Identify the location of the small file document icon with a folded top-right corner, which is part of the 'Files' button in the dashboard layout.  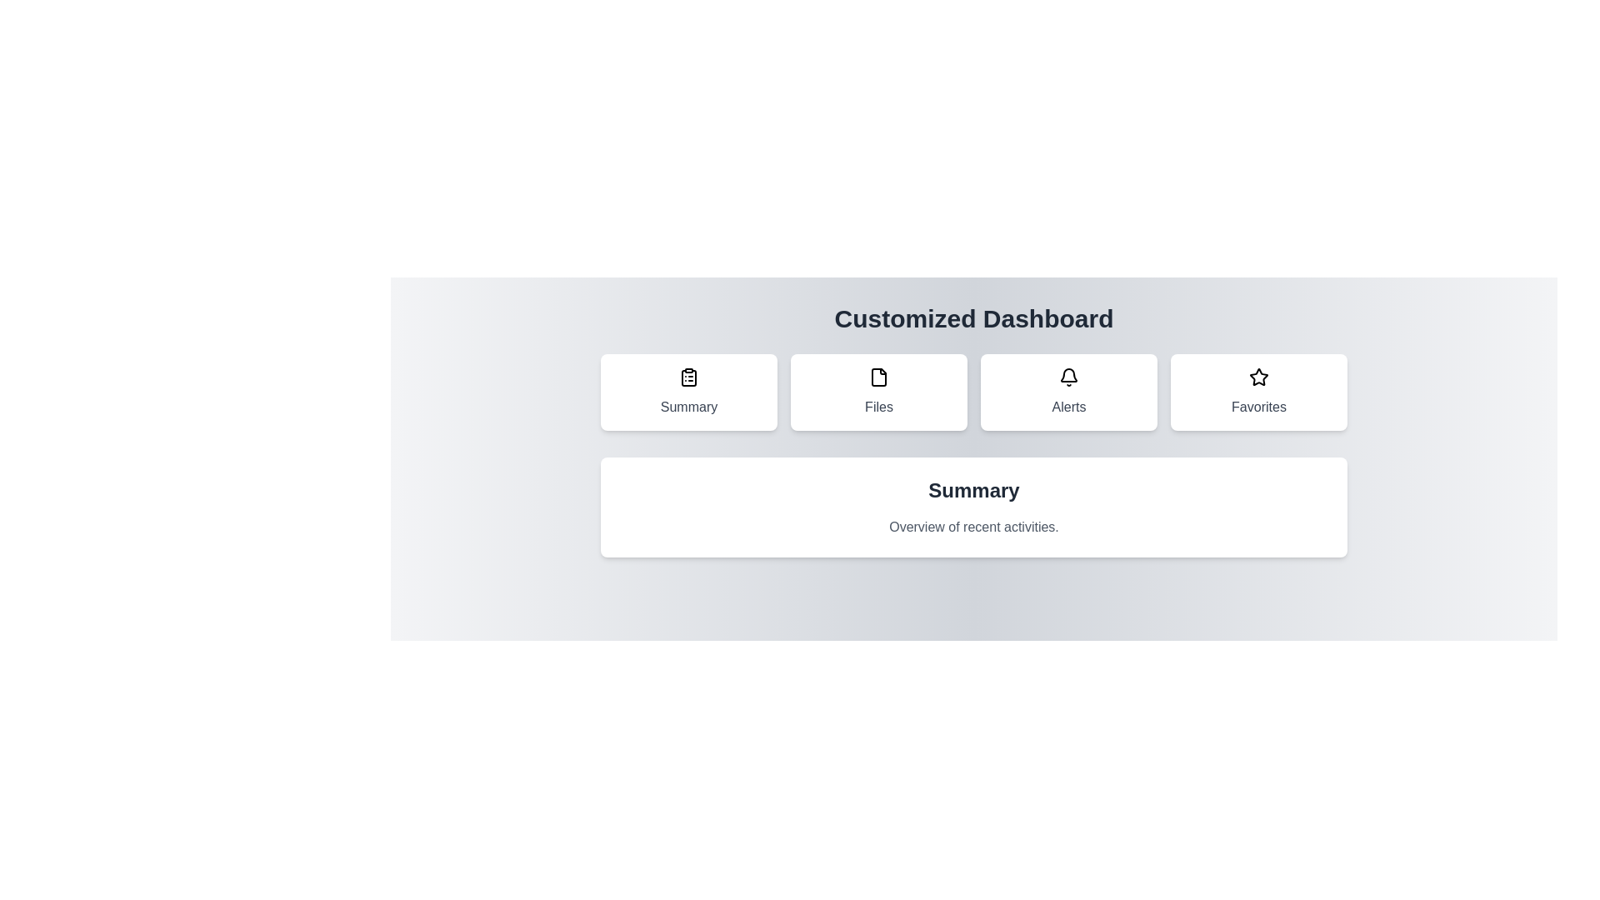
(878, 377).